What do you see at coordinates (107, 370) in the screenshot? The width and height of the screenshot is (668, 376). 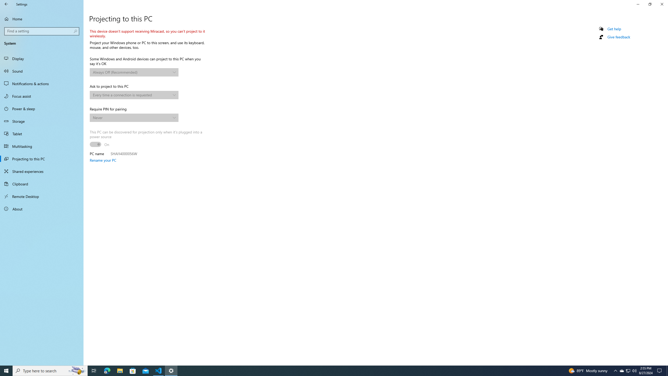 I see `'Microsoft Edge'` at bounding box center [107, 370].